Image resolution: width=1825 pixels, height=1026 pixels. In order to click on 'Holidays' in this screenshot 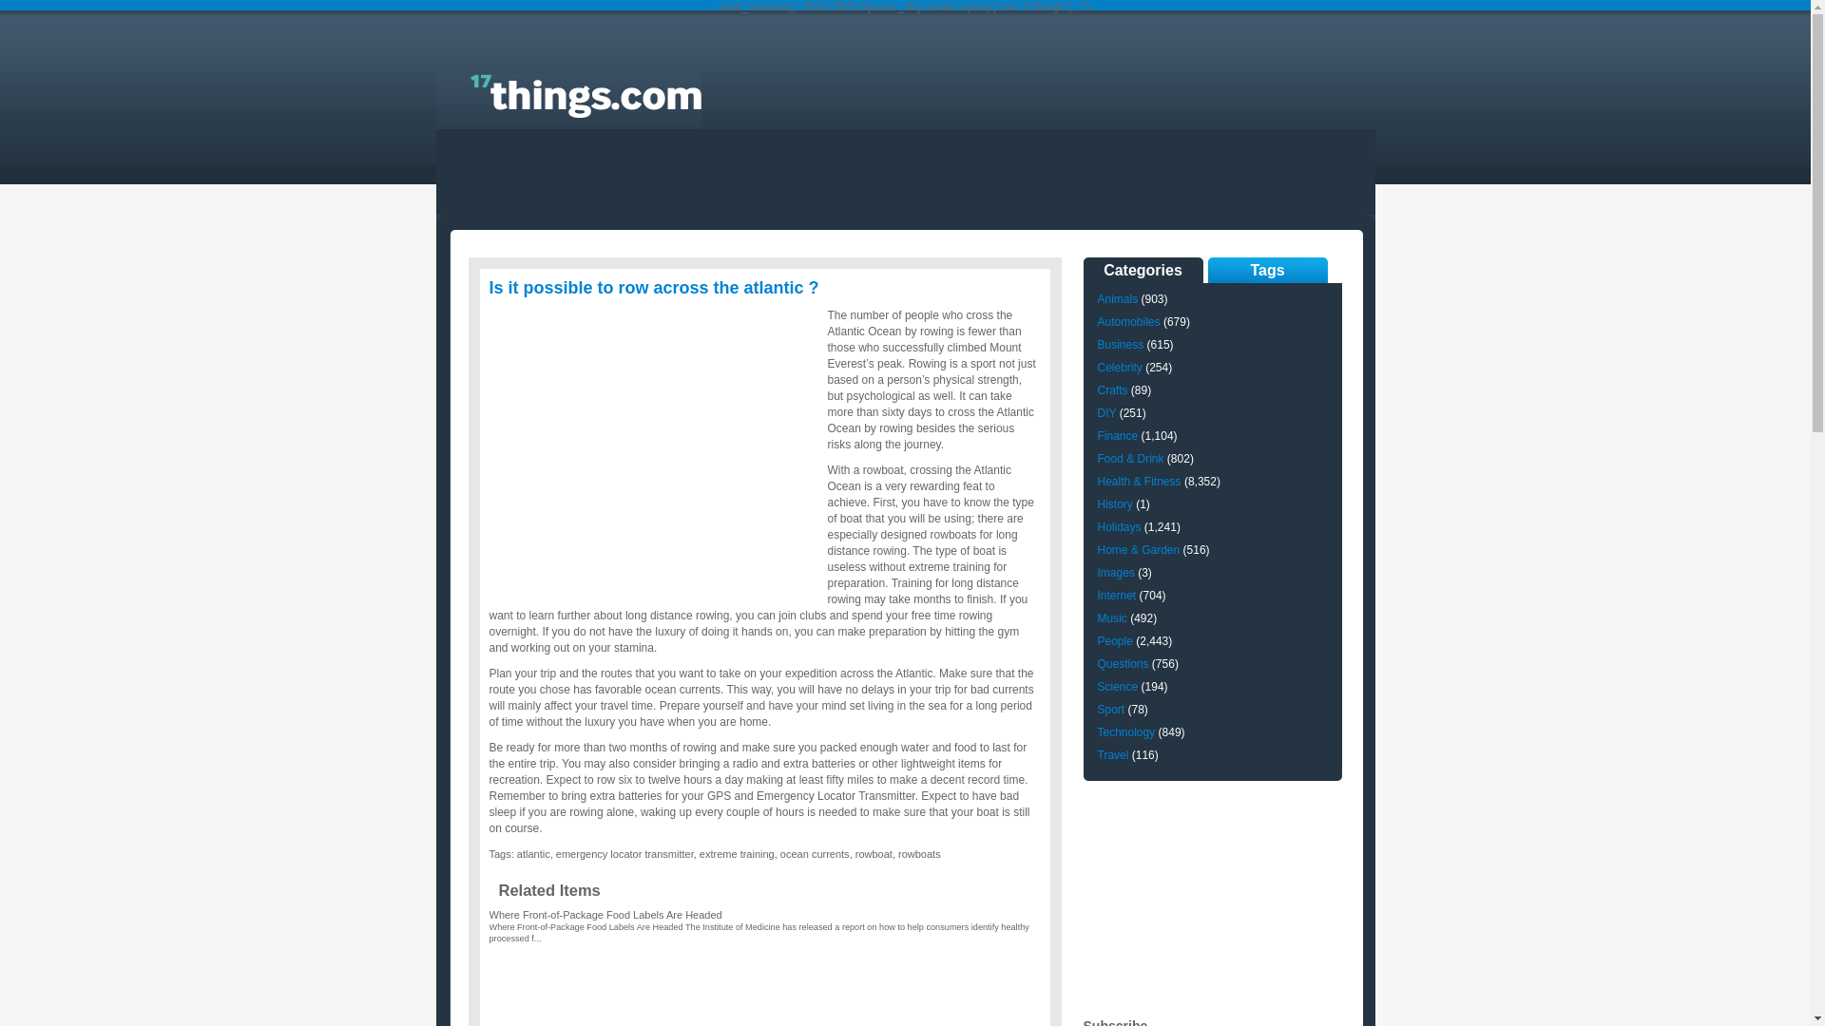, I will do `click(1118, 527)`.